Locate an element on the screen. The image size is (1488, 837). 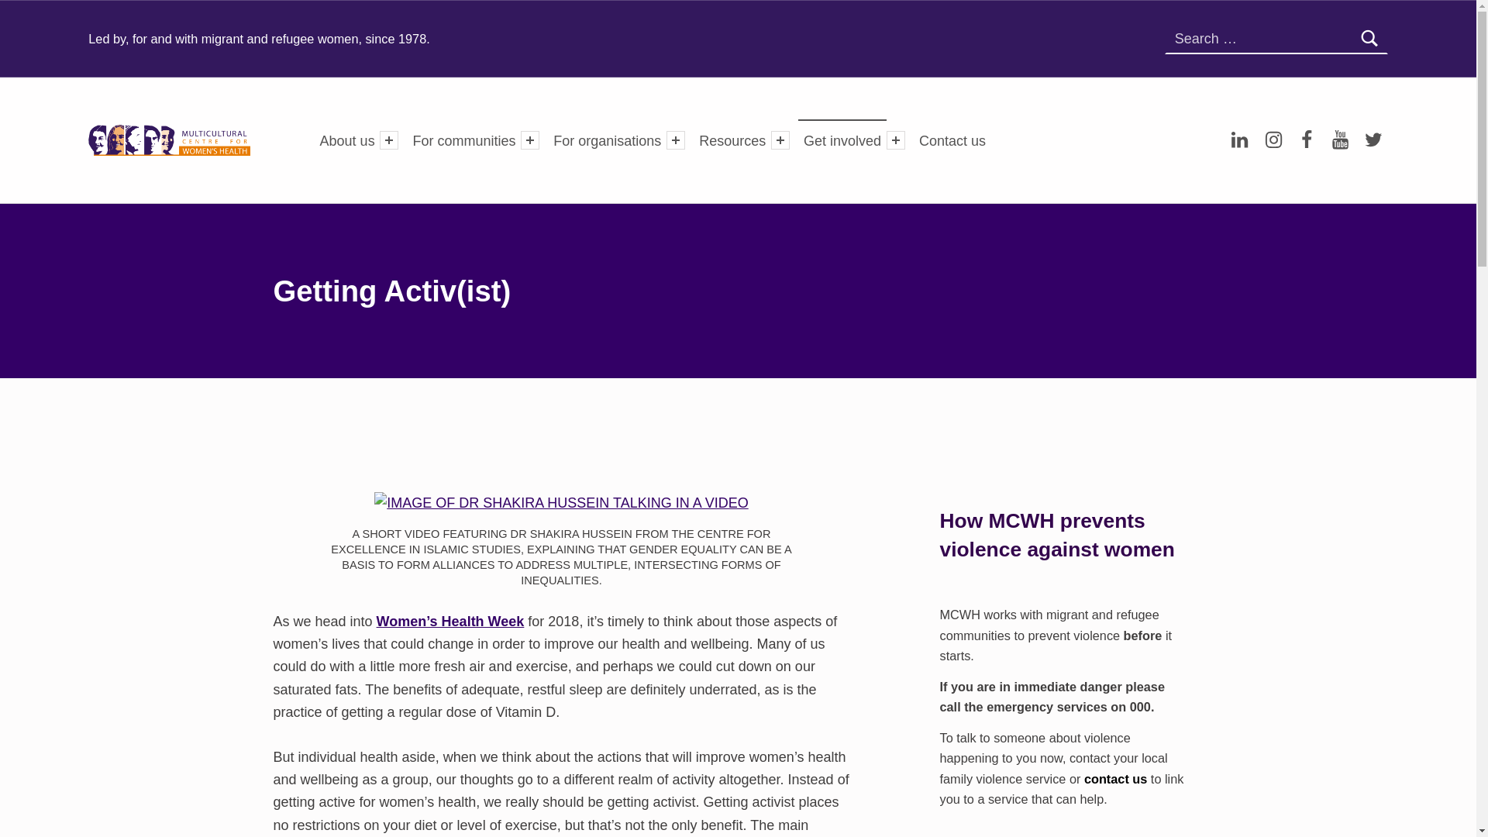
'For organisations' is located at coordinates (547, 139).